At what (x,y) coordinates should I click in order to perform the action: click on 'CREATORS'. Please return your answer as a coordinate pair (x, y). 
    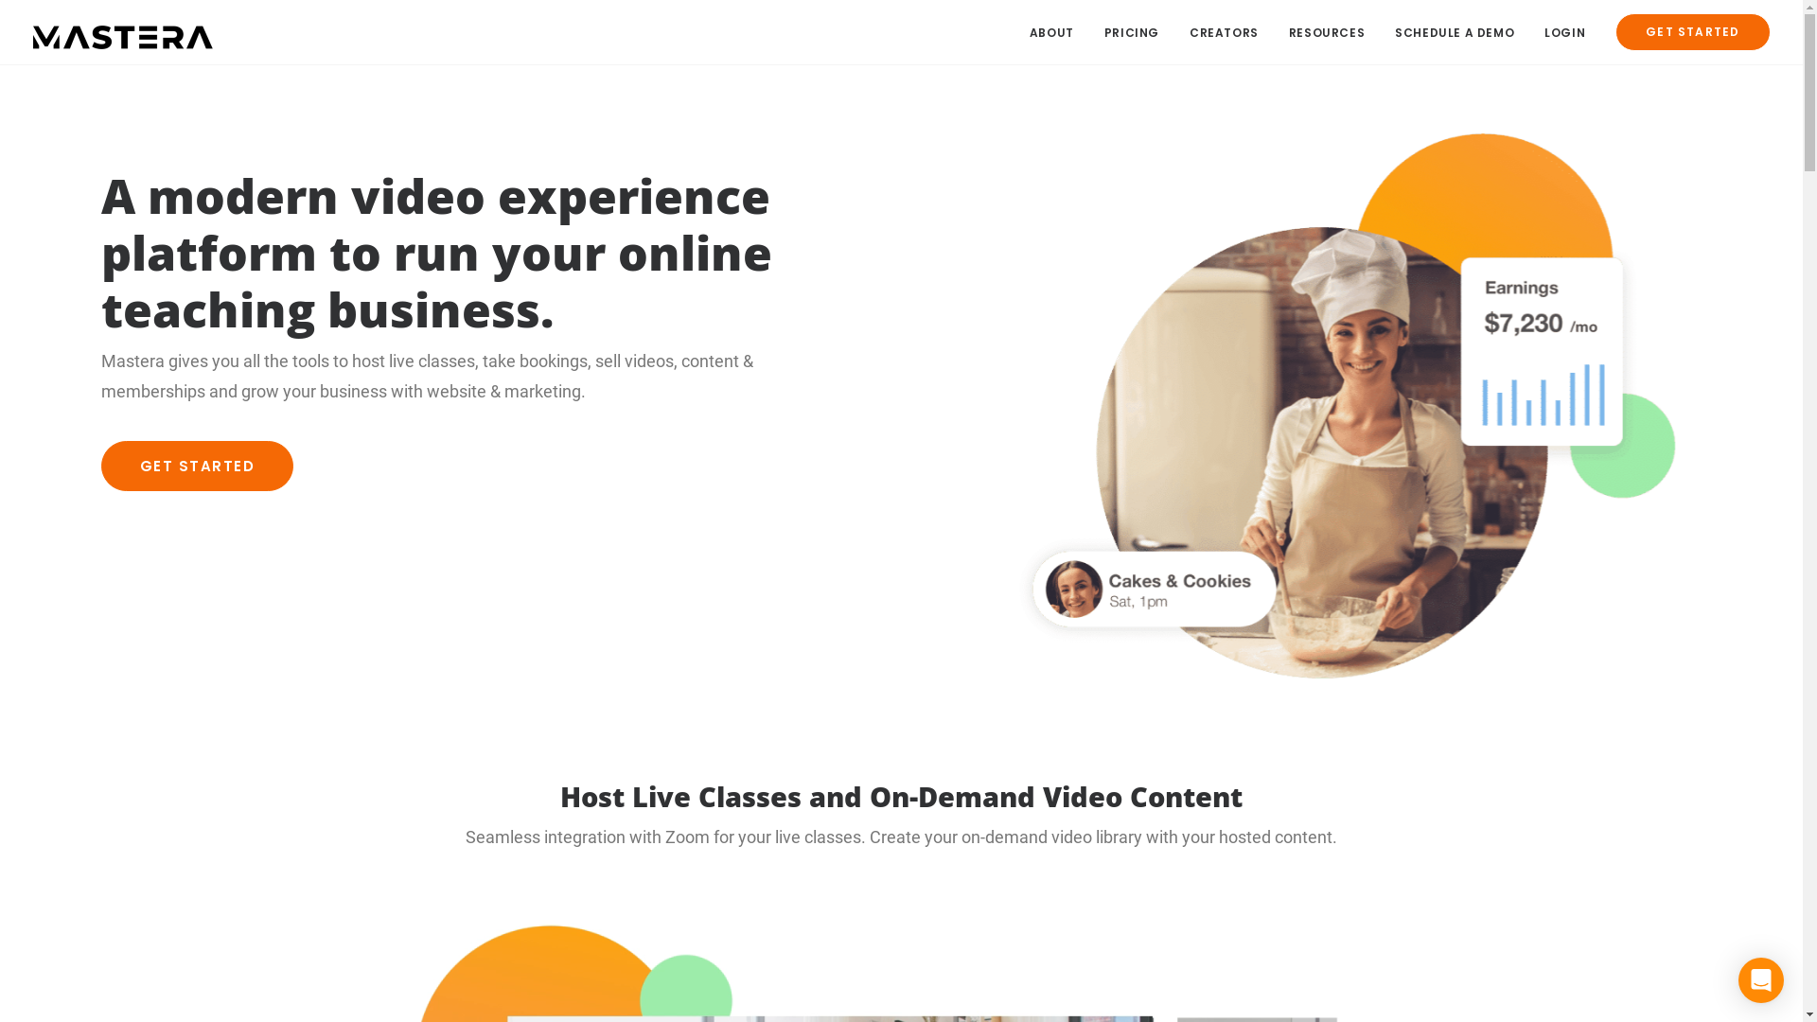
    Looking at the image, I should click on (1224, 32).